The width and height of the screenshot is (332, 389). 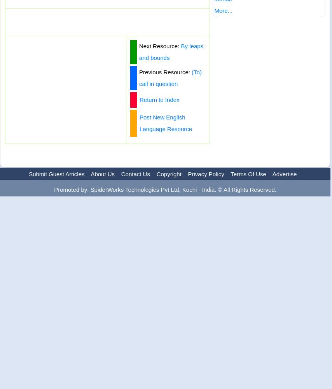 What do you see at coordinates (165, 189) in the screenshot?
I see `'Promoted by: SpiderWorks Technologies Pvt Ltd, Kochi - India. © All Rights Reserved.'` at bounding box center [165, 189].